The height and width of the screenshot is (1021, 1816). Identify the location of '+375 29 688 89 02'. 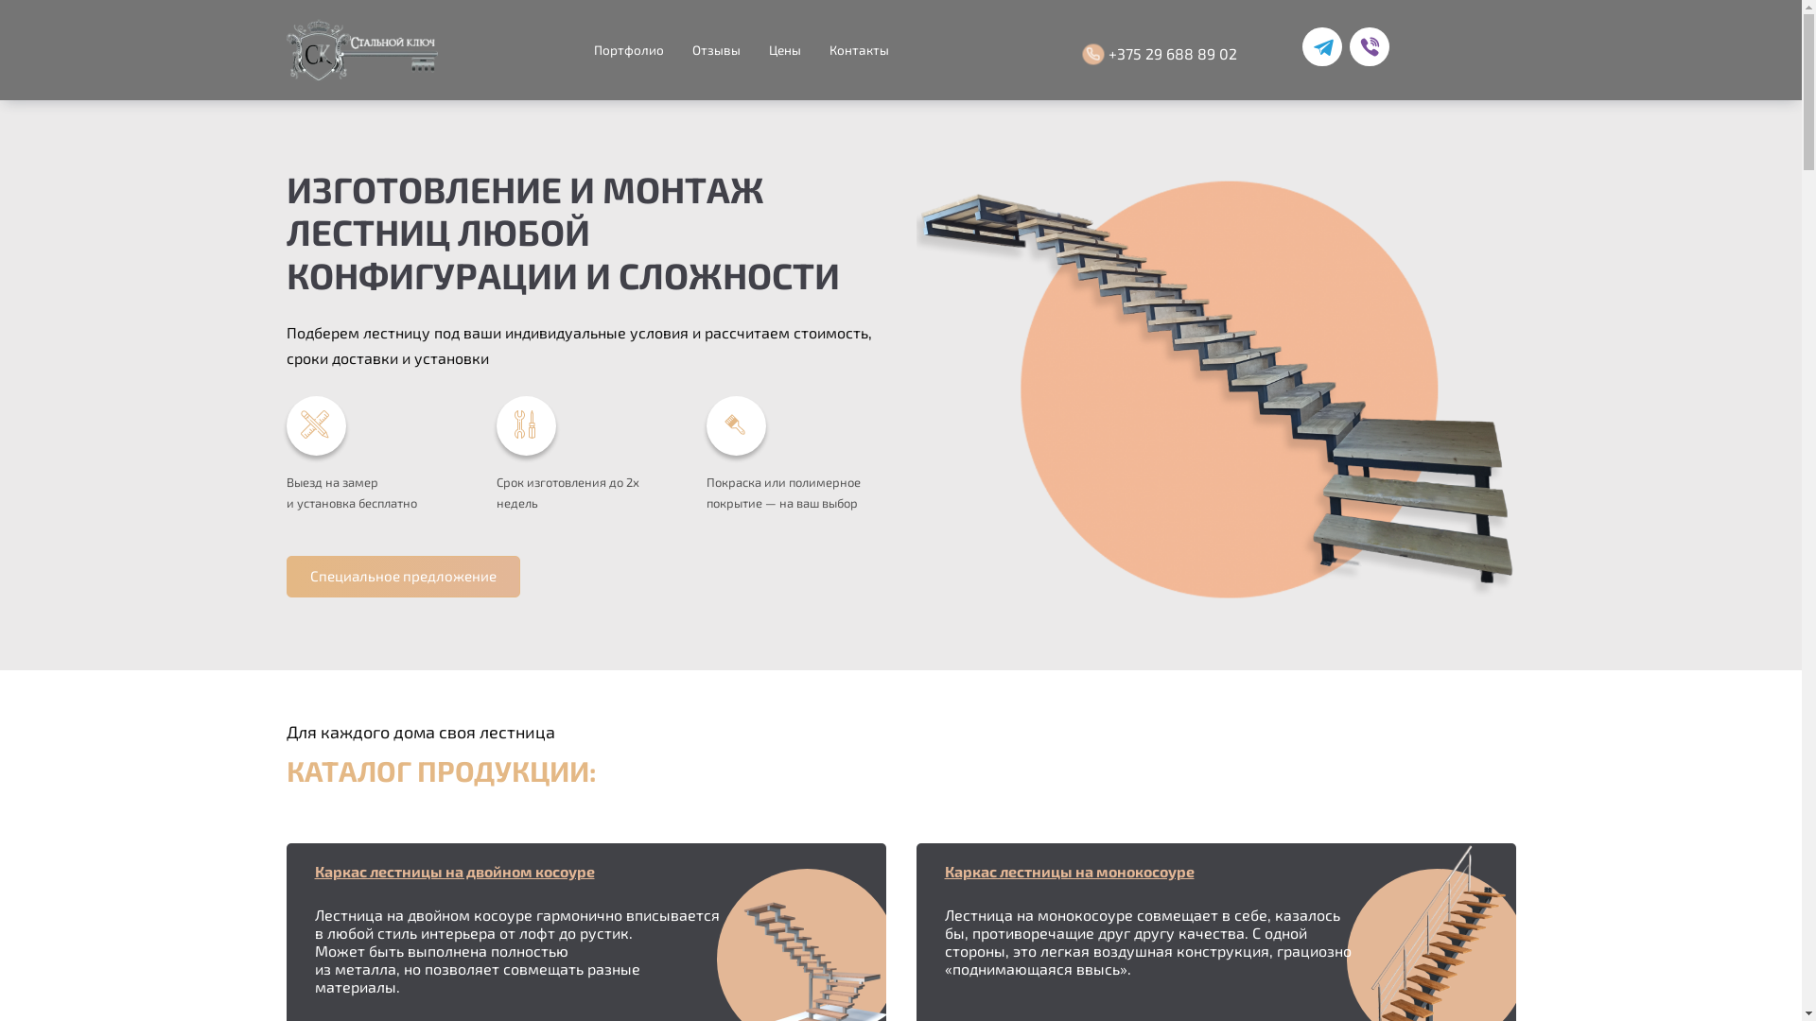
(1161, 53).